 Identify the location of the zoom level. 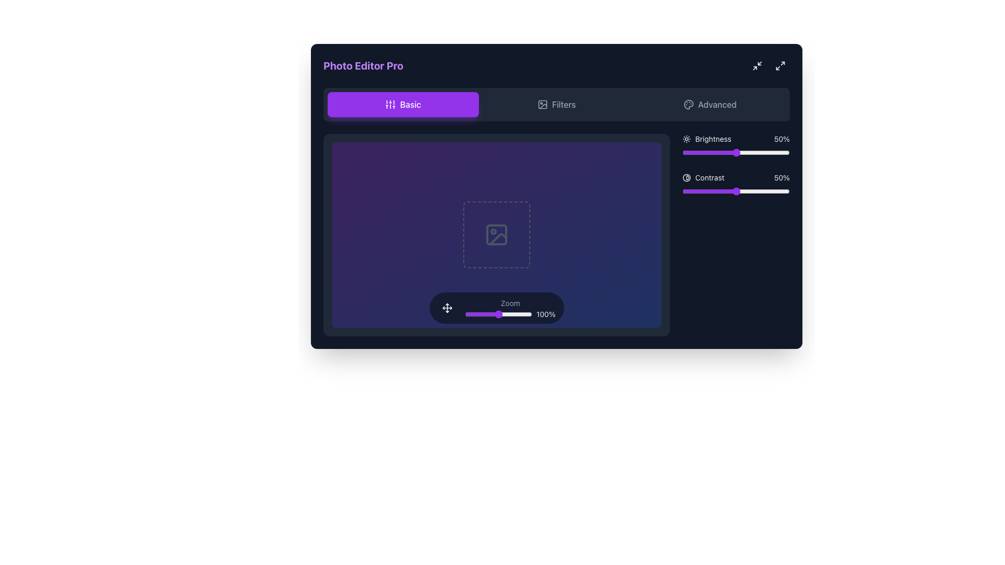
(469, 313).